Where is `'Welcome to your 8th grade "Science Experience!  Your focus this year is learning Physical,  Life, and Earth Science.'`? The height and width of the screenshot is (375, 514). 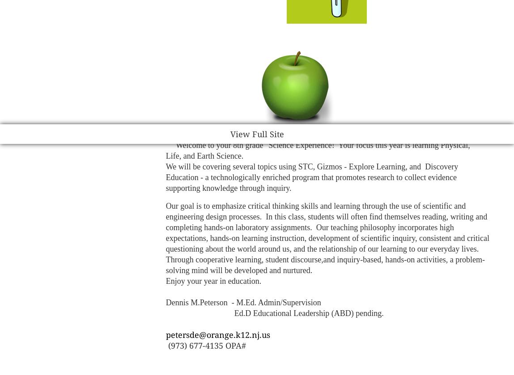 'Welcome to your 8th grade "Science Experience!  Your focus this year is learning Physical,  Life, and Earth Science.' is located at coordinates (319, 151).